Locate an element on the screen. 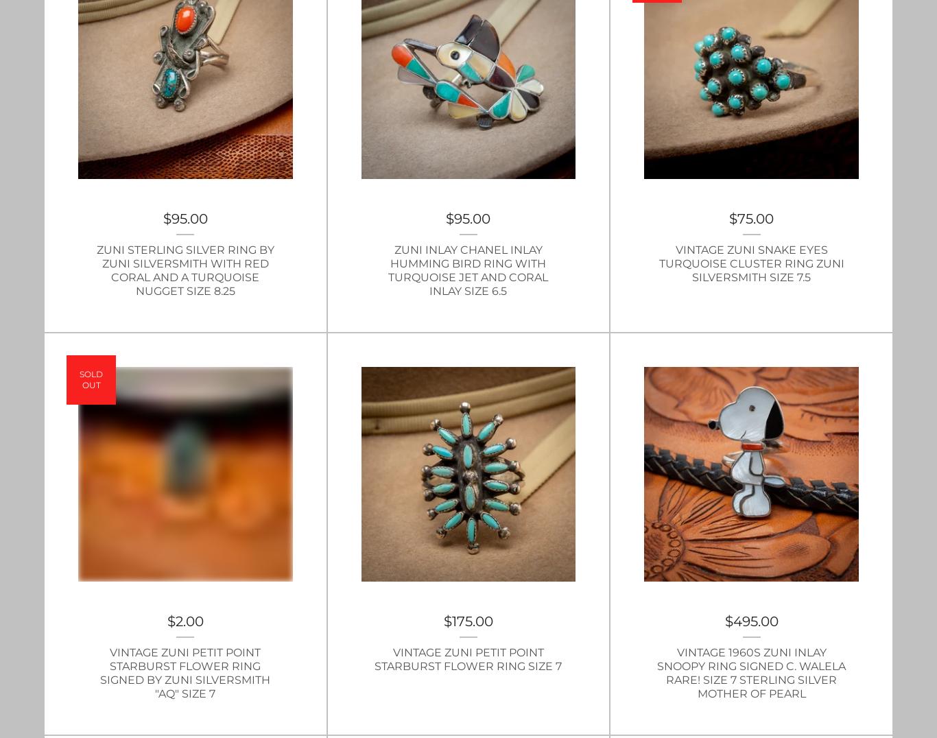 The width and height of the screenshot is (937, 738). '175.00' is located at coordinates (472, 620).